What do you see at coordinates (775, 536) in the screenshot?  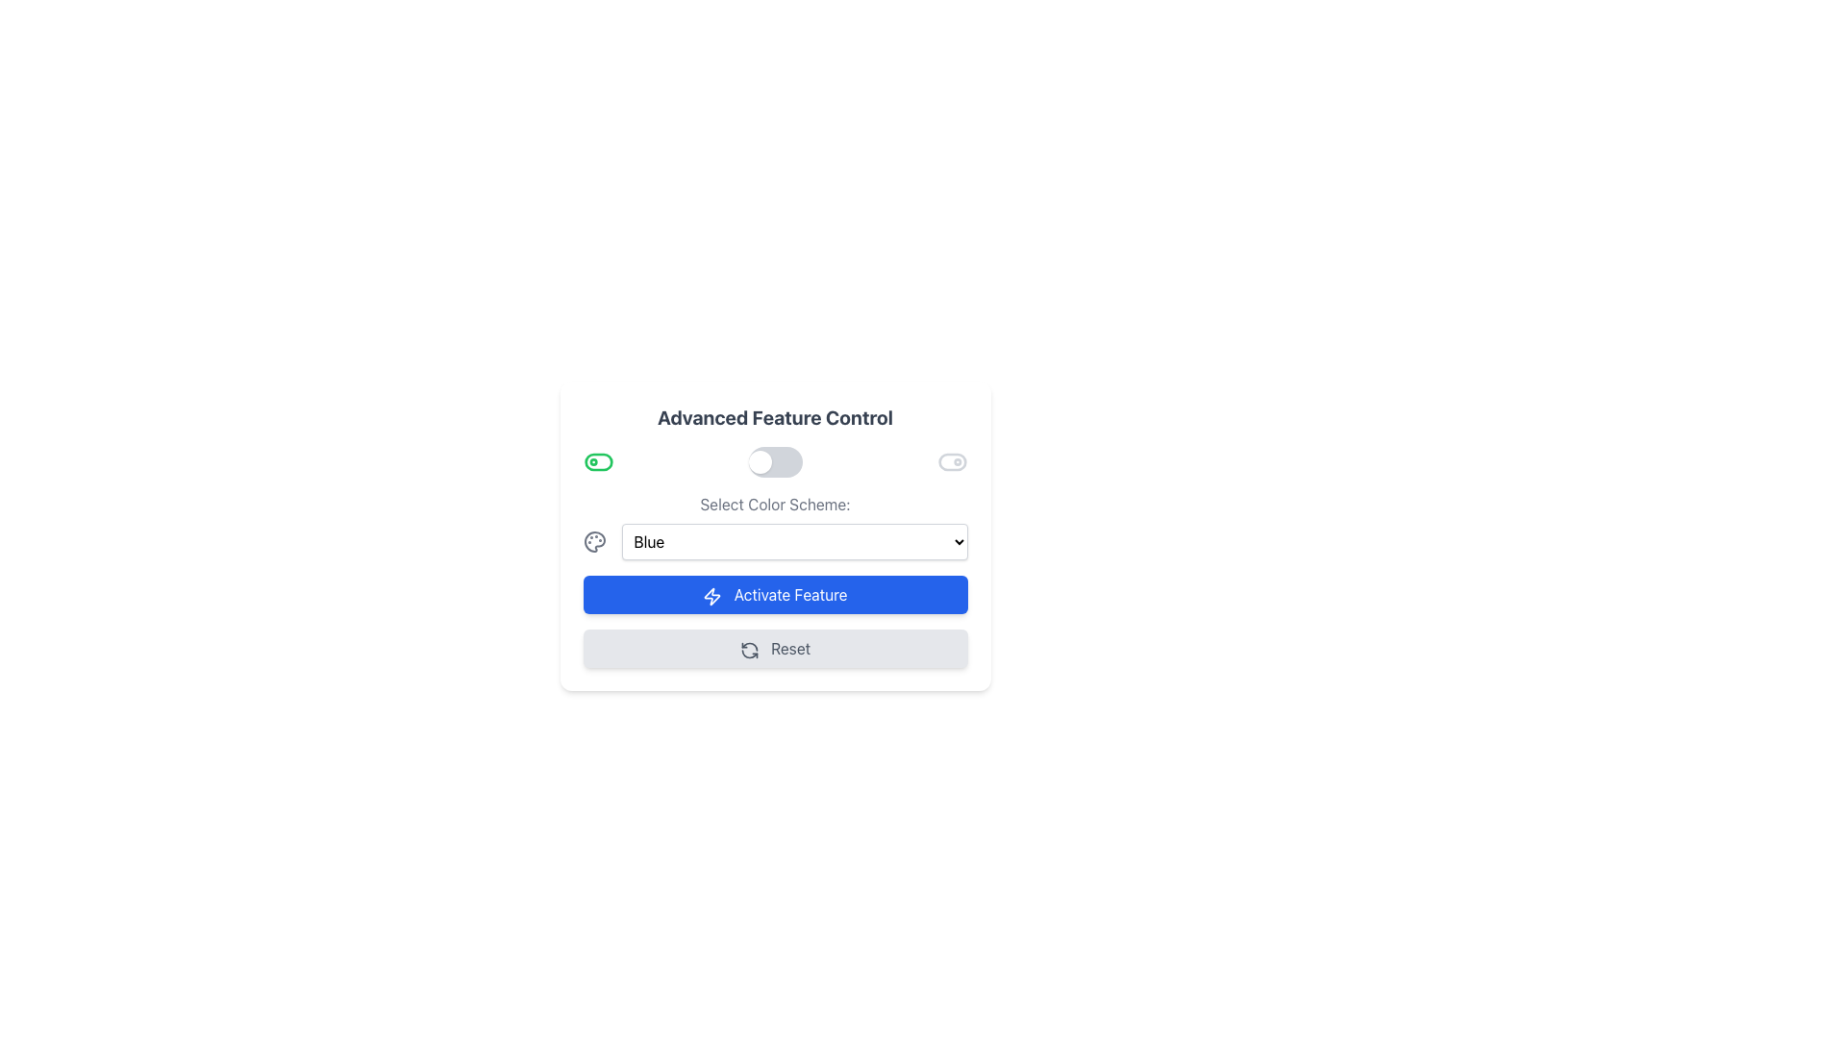 I see `an option from the dropdown menu labeled 'Blue', which is visually styled with a white background and rounded corners, located below the text 'Select Color Scheme:' and above the buttons 'Activate Feature' and 'Reset'` at bounding box center [775, 536].